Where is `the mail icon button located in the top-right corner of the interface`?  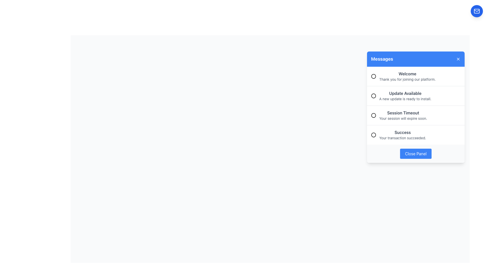 the mail icon button located in the top-right corner of the interface is located at coordinates (477, 11).